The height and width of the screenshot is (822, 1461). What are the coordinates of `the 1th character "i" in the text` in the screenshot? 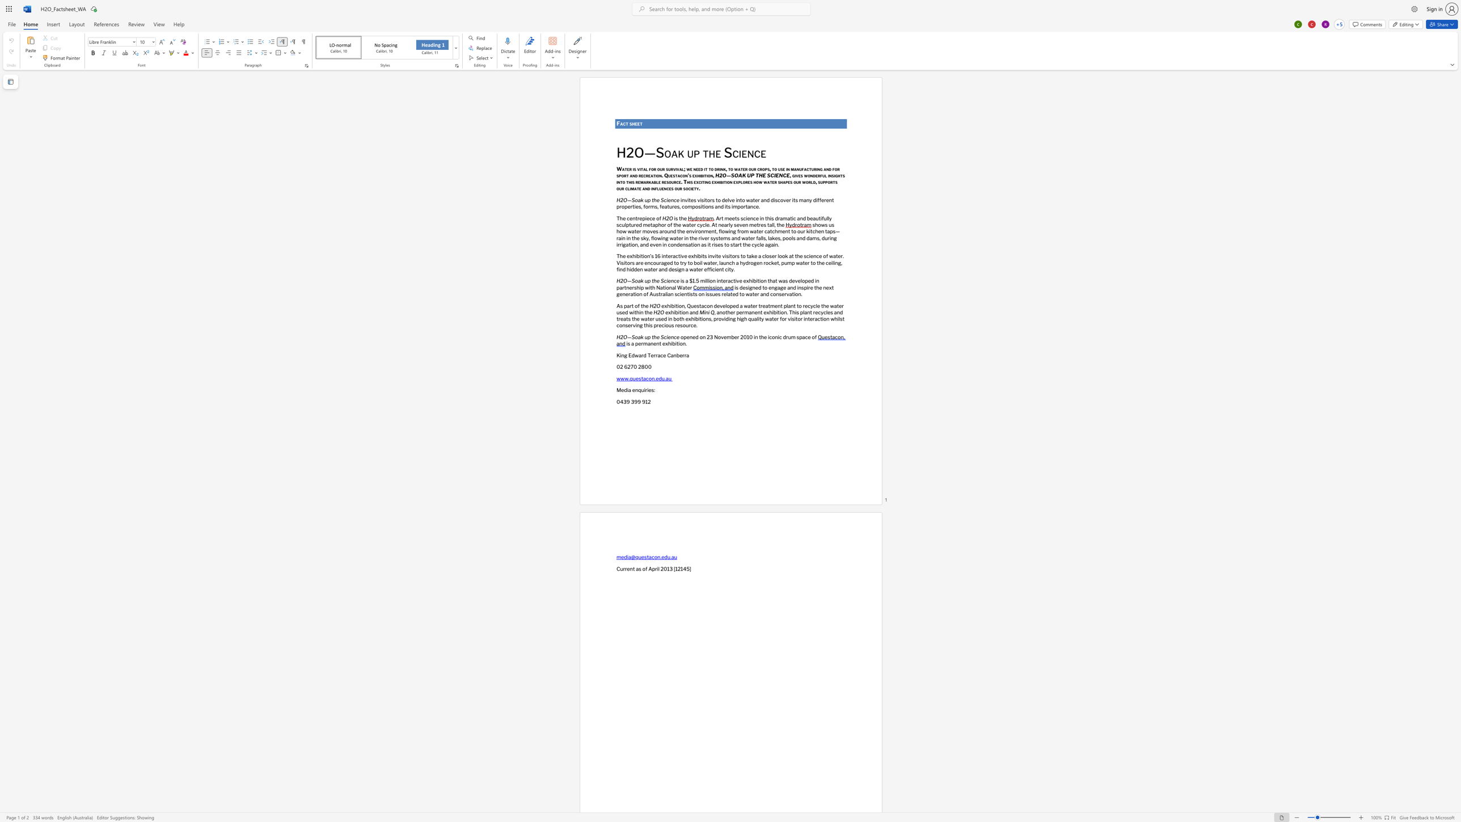 It's located at (681, 280).